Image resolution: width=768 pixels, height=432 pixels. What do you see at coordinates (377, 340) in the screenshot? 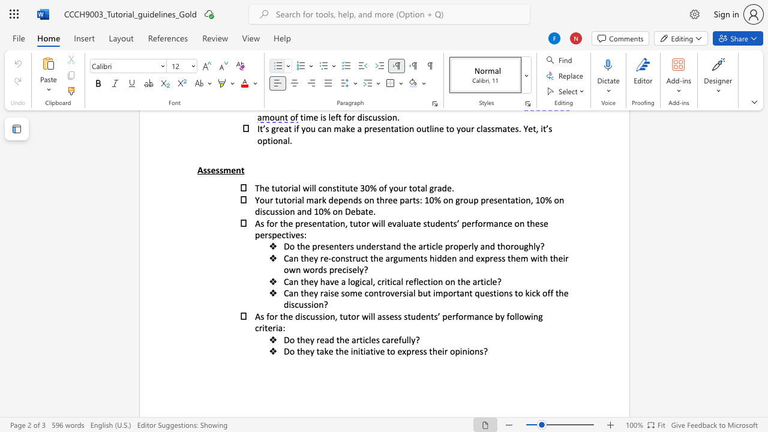
I see `the 1th character "s" in the text` at bounding box center [377, 340].